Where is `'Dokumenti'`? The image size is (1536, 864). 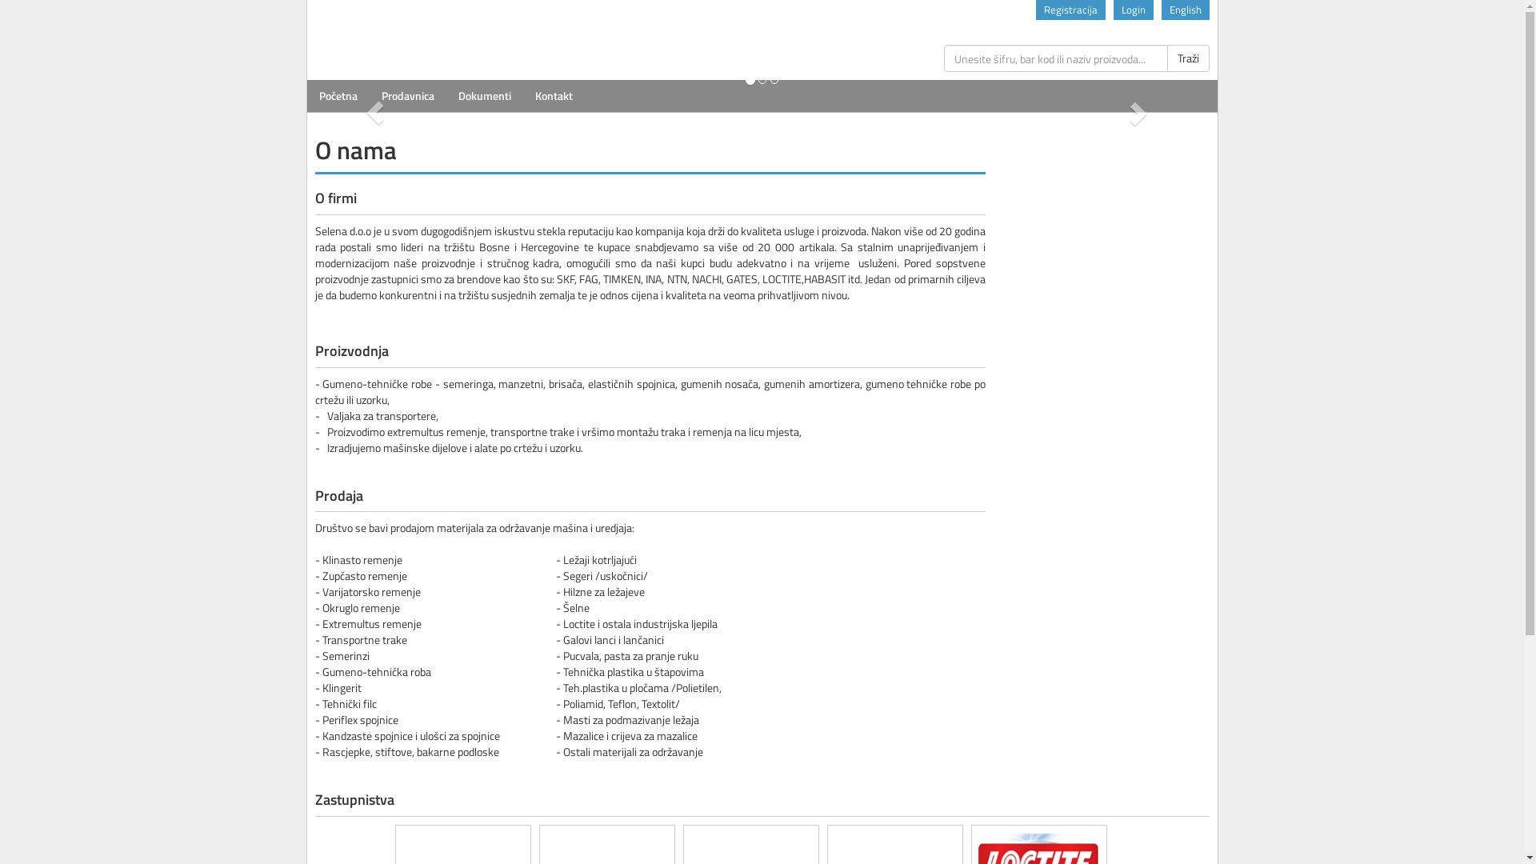
'Dokumenti' is located at coordinates (483, 95).